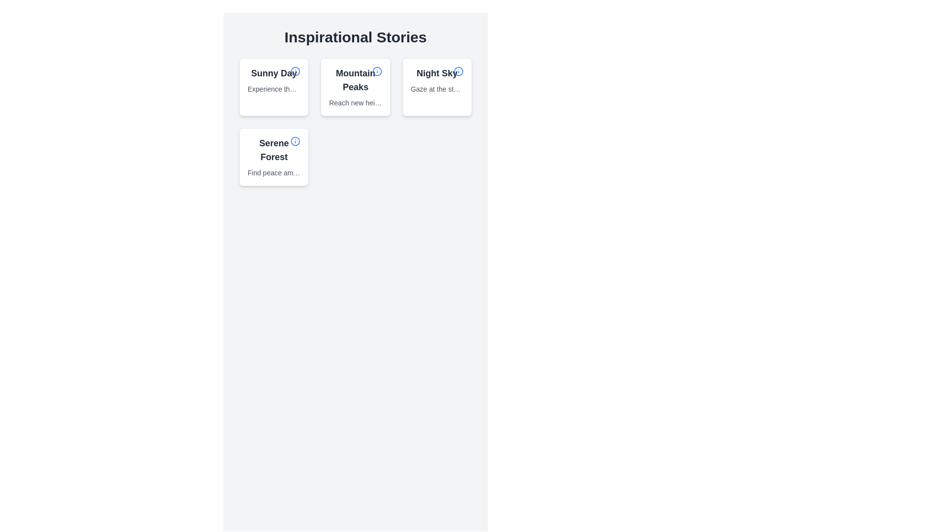  What do you see at coordinates (274, 89) in the screenshot?
I see `text segment styled in a small, gray font that reads 'Experience the tranquility of sunny beaches and calm waves.' located below the bold title 'Sunny Day' in the upper-left card of the 'Inspirational Stories' grid layout` at bounding box center [274, 89].